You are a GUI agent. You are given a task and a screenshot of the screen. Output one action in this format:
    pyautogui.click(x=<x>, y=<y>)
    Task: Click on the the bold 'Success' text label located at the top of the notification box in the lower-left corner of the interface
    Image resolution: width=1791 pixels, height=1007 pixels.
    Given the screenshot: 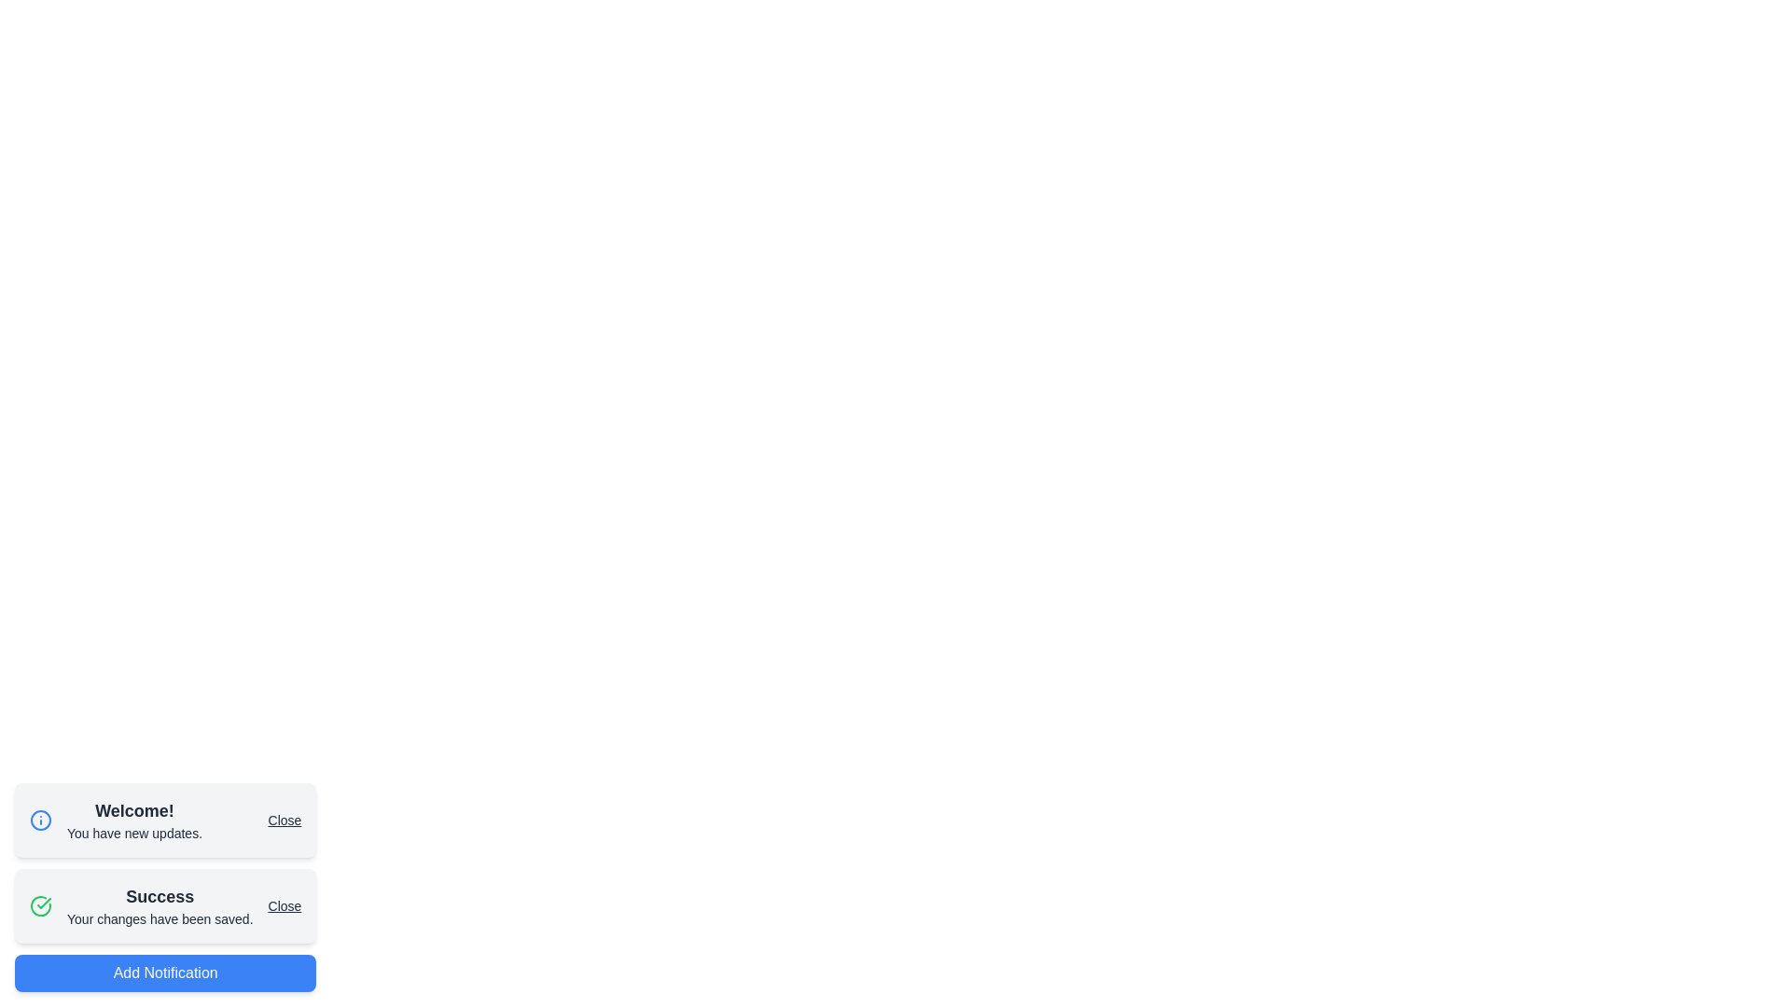 What is the action you would take?
    pyautogui.click(x=160, y=895)
    